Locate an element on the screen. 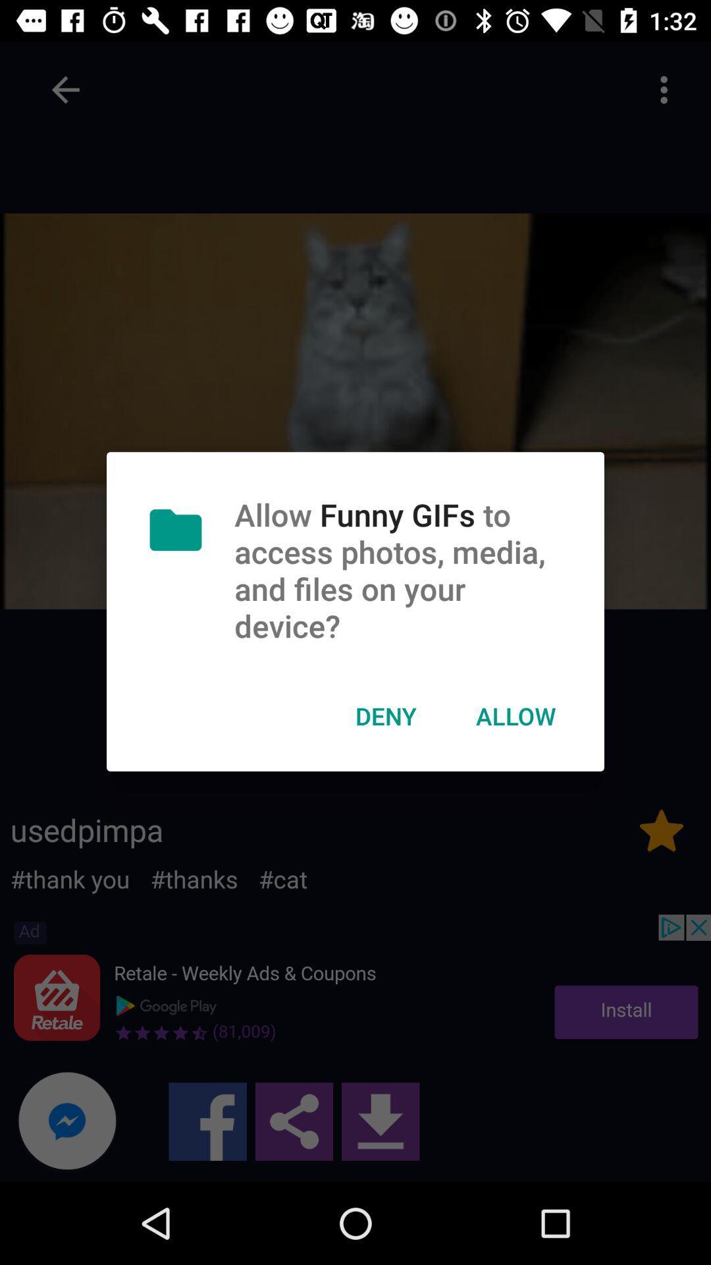 Image resolution: width=711 pixels, height=1265 pixels. menu option is located at coordinates (664, 89).